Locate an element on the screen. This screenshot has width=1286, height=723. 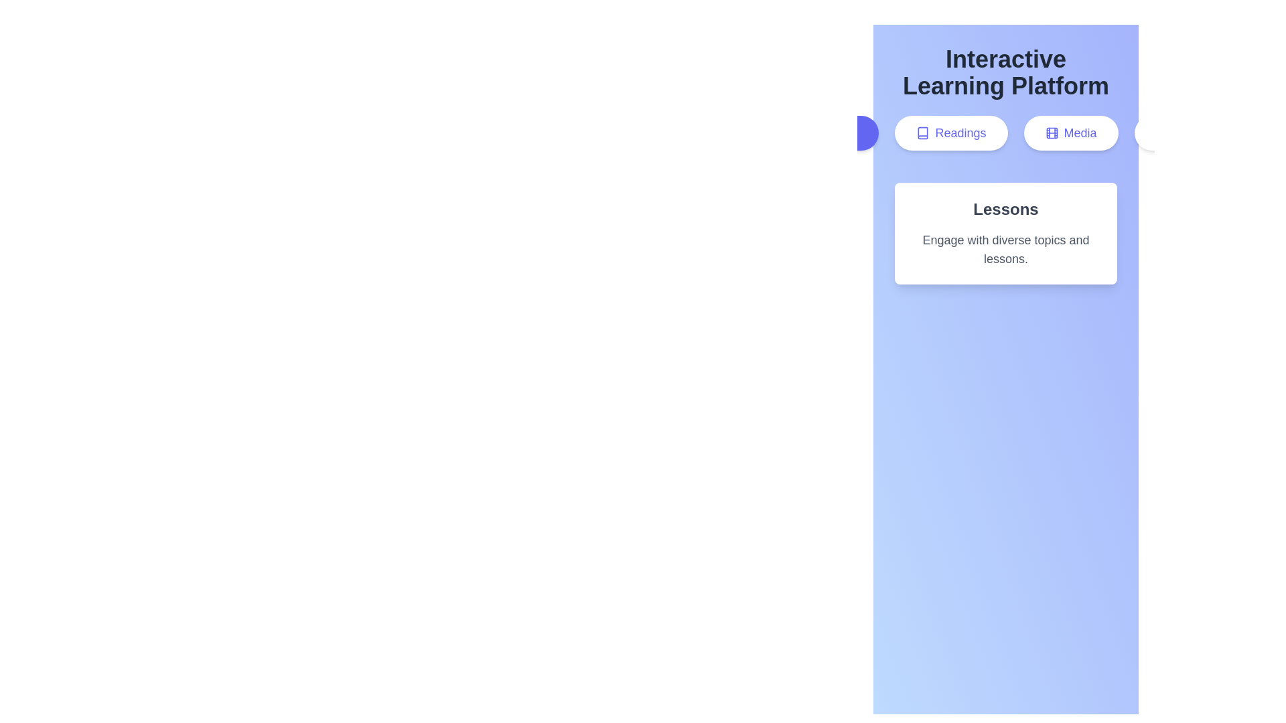
the icon associated with the tab Lessons is located at coordinates (800, 133).